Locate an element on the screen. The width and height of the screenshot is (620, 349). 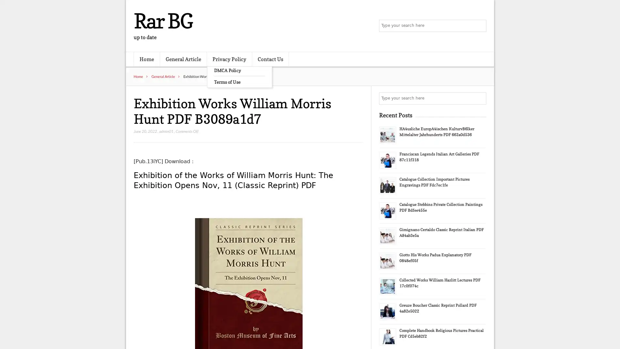
Search is located at coordinates (480, 98).